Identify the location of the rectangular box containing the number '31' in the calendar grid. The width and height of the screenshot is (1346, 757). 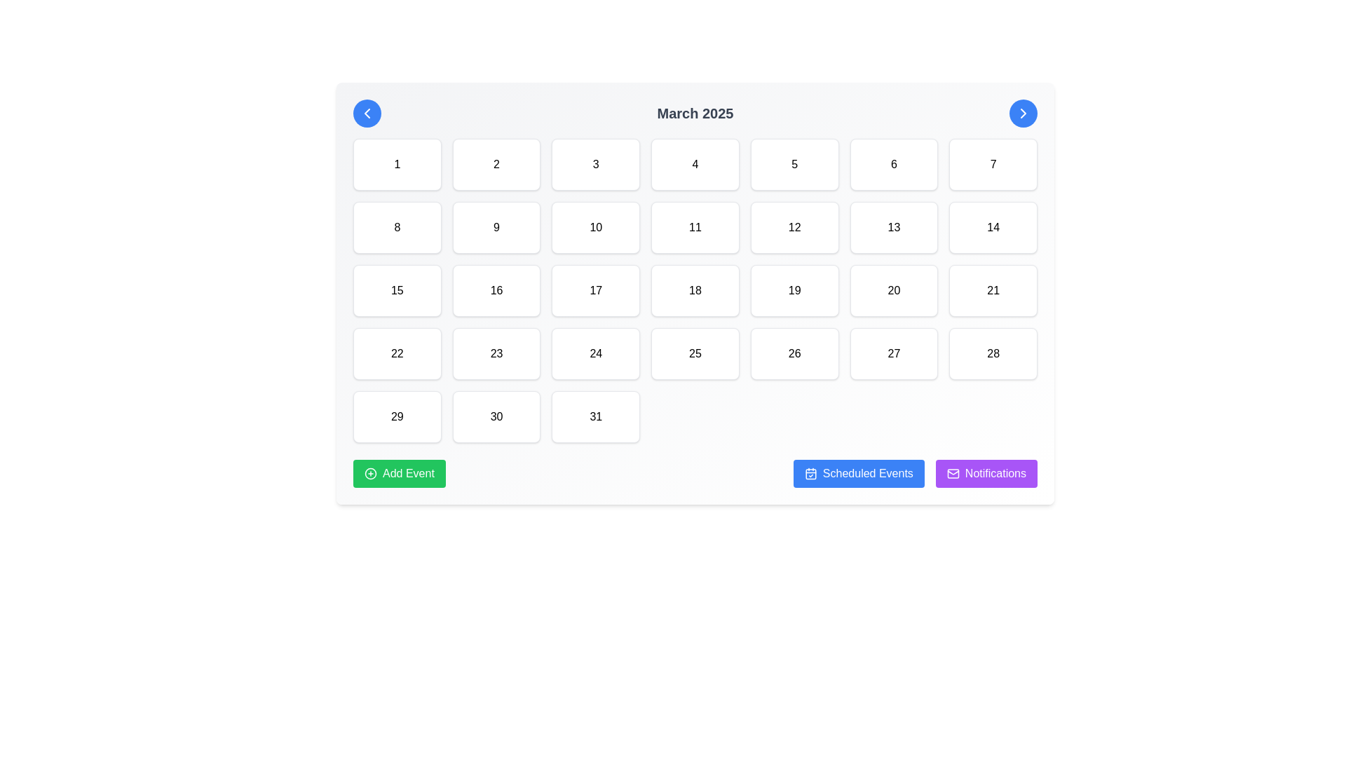
(596, 416).